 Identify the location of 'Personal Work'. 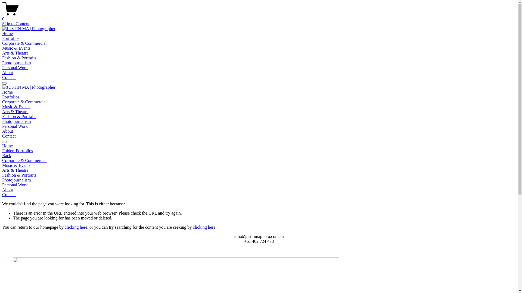
(2, 185).